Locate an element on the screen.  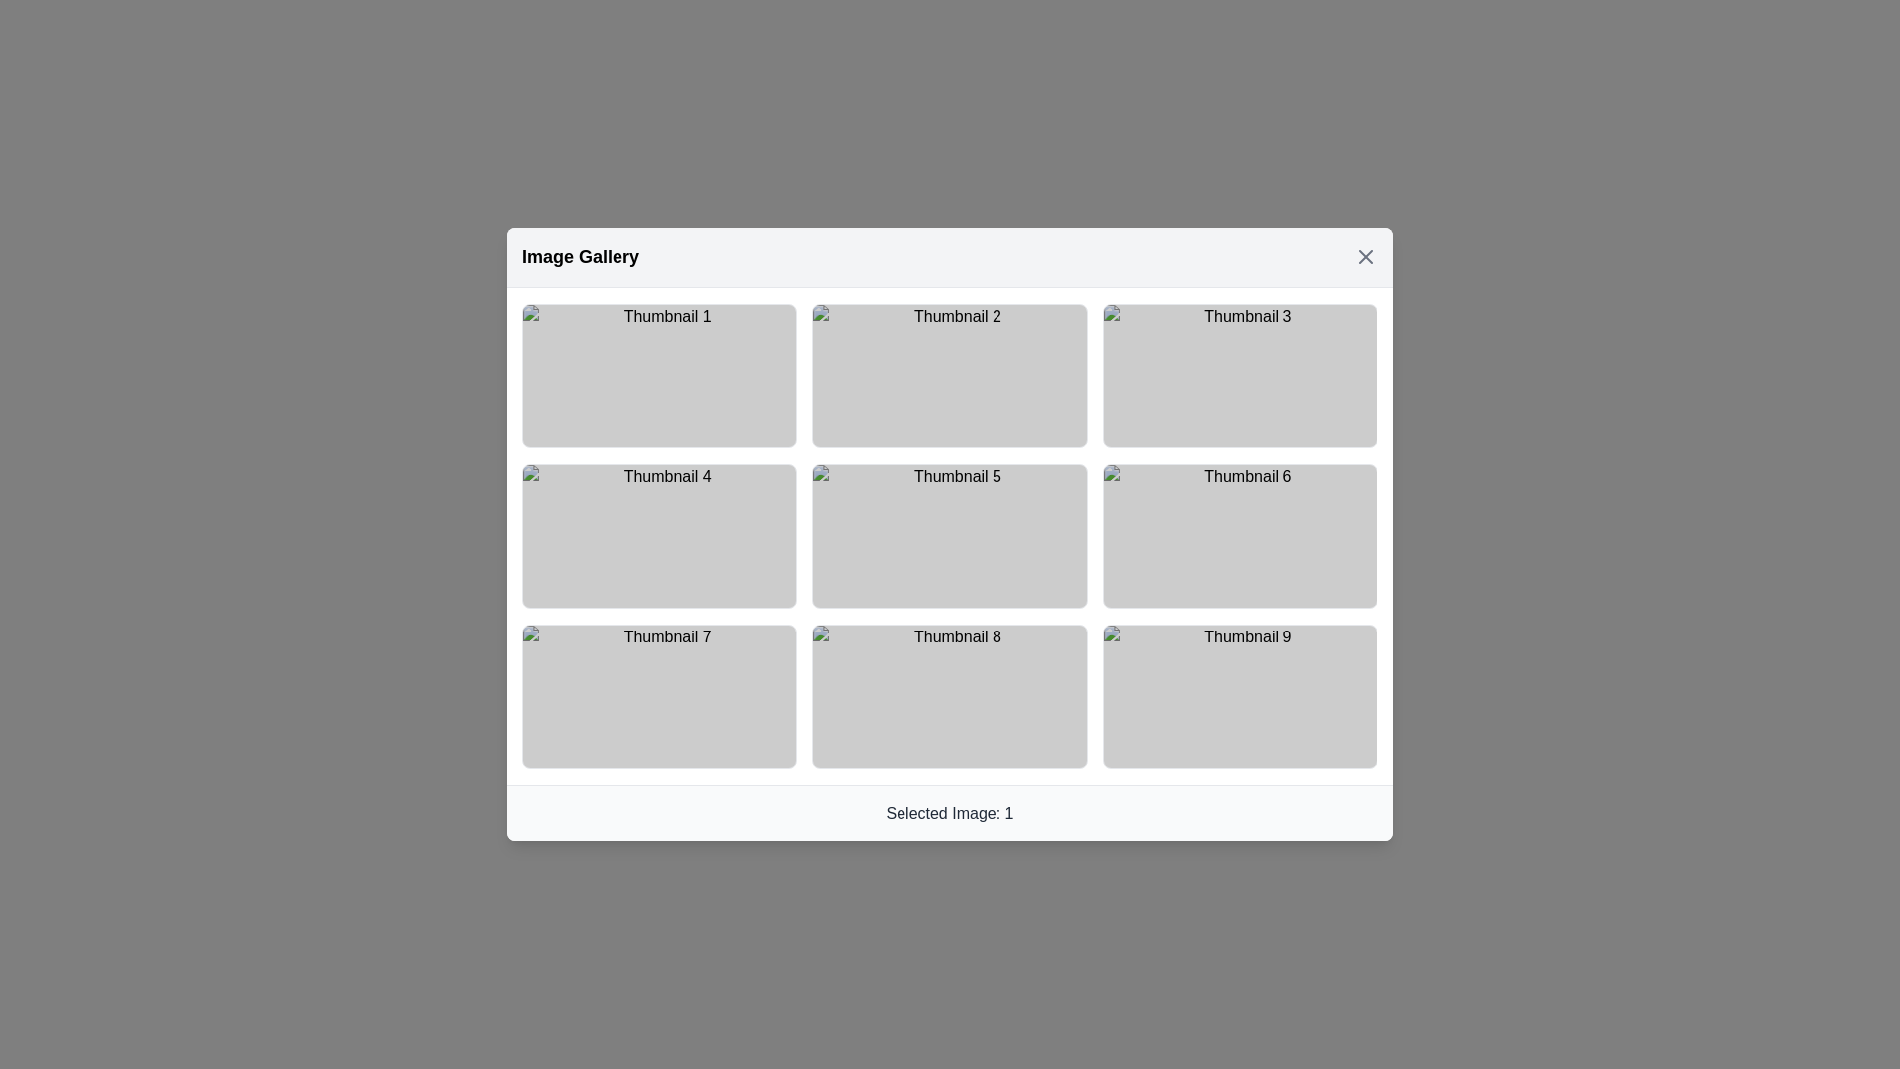
the transparent layered overlay that darkens upon hover, positioned over 'Thumbnail 8' in a 3x3 grid layout is located at coordinates (950, 696).